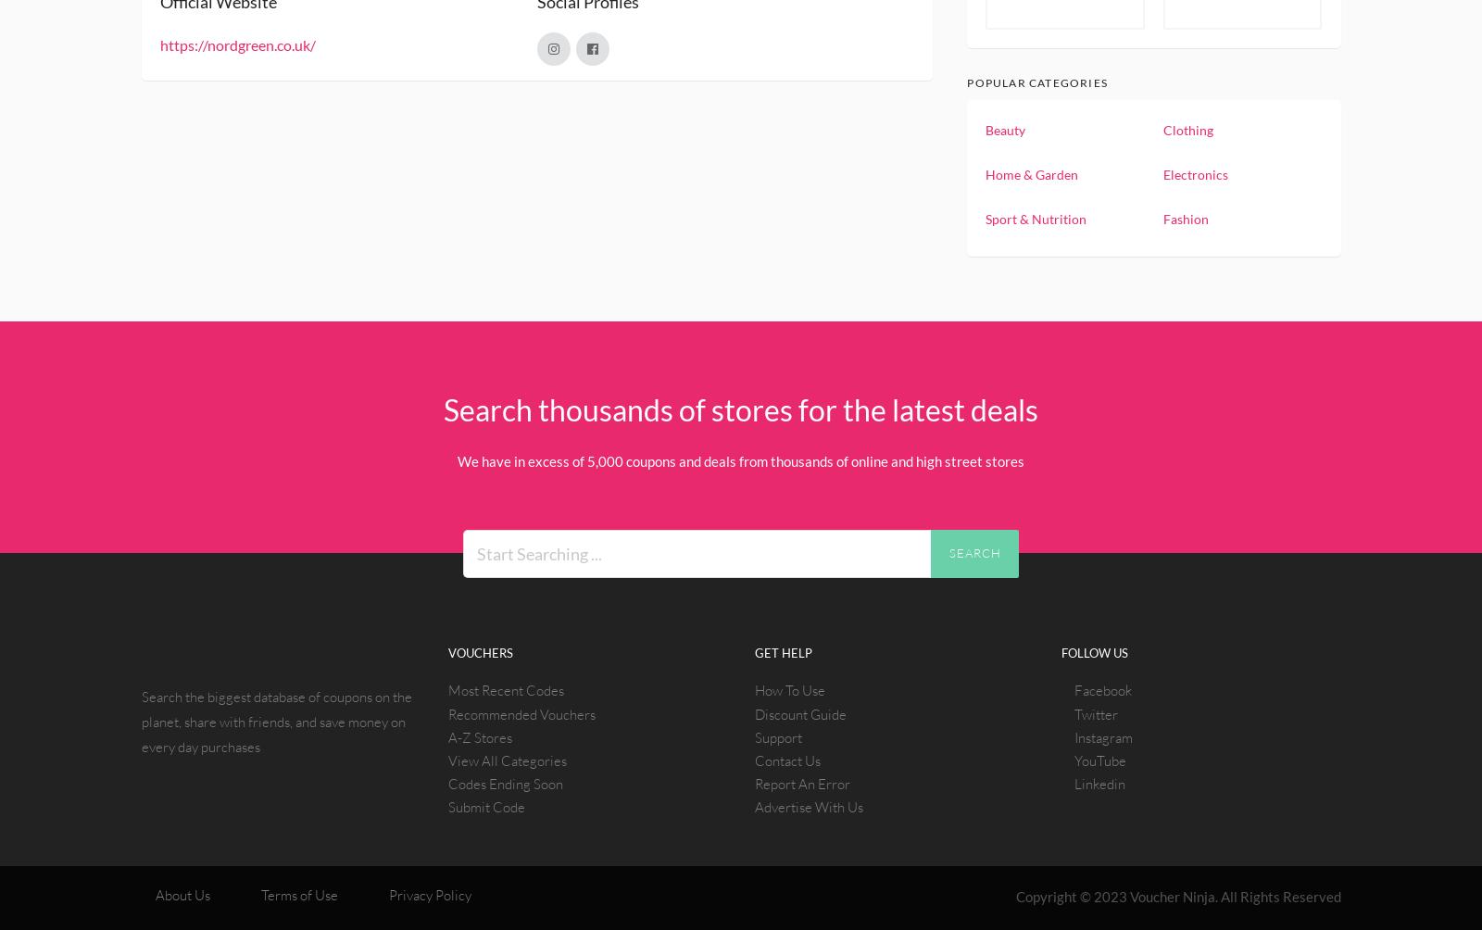 The width and height of the screenshot is (1482, 930). I want to click on 'Search', so click(974, 552).